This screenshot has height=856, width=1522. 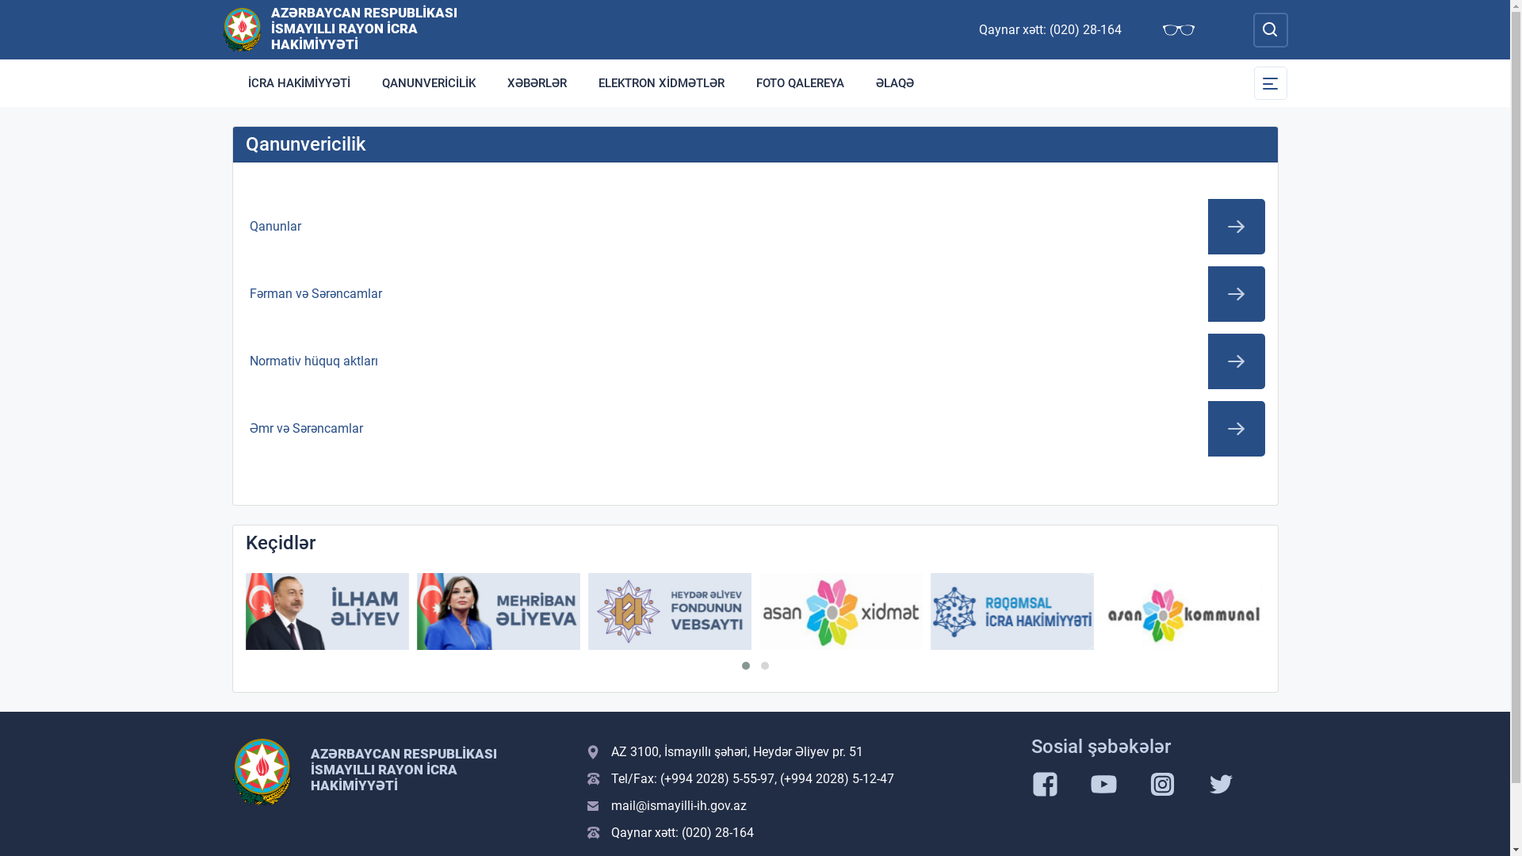 I want to click on 'FOTO QALEREYA', so click(x=740, y=82).